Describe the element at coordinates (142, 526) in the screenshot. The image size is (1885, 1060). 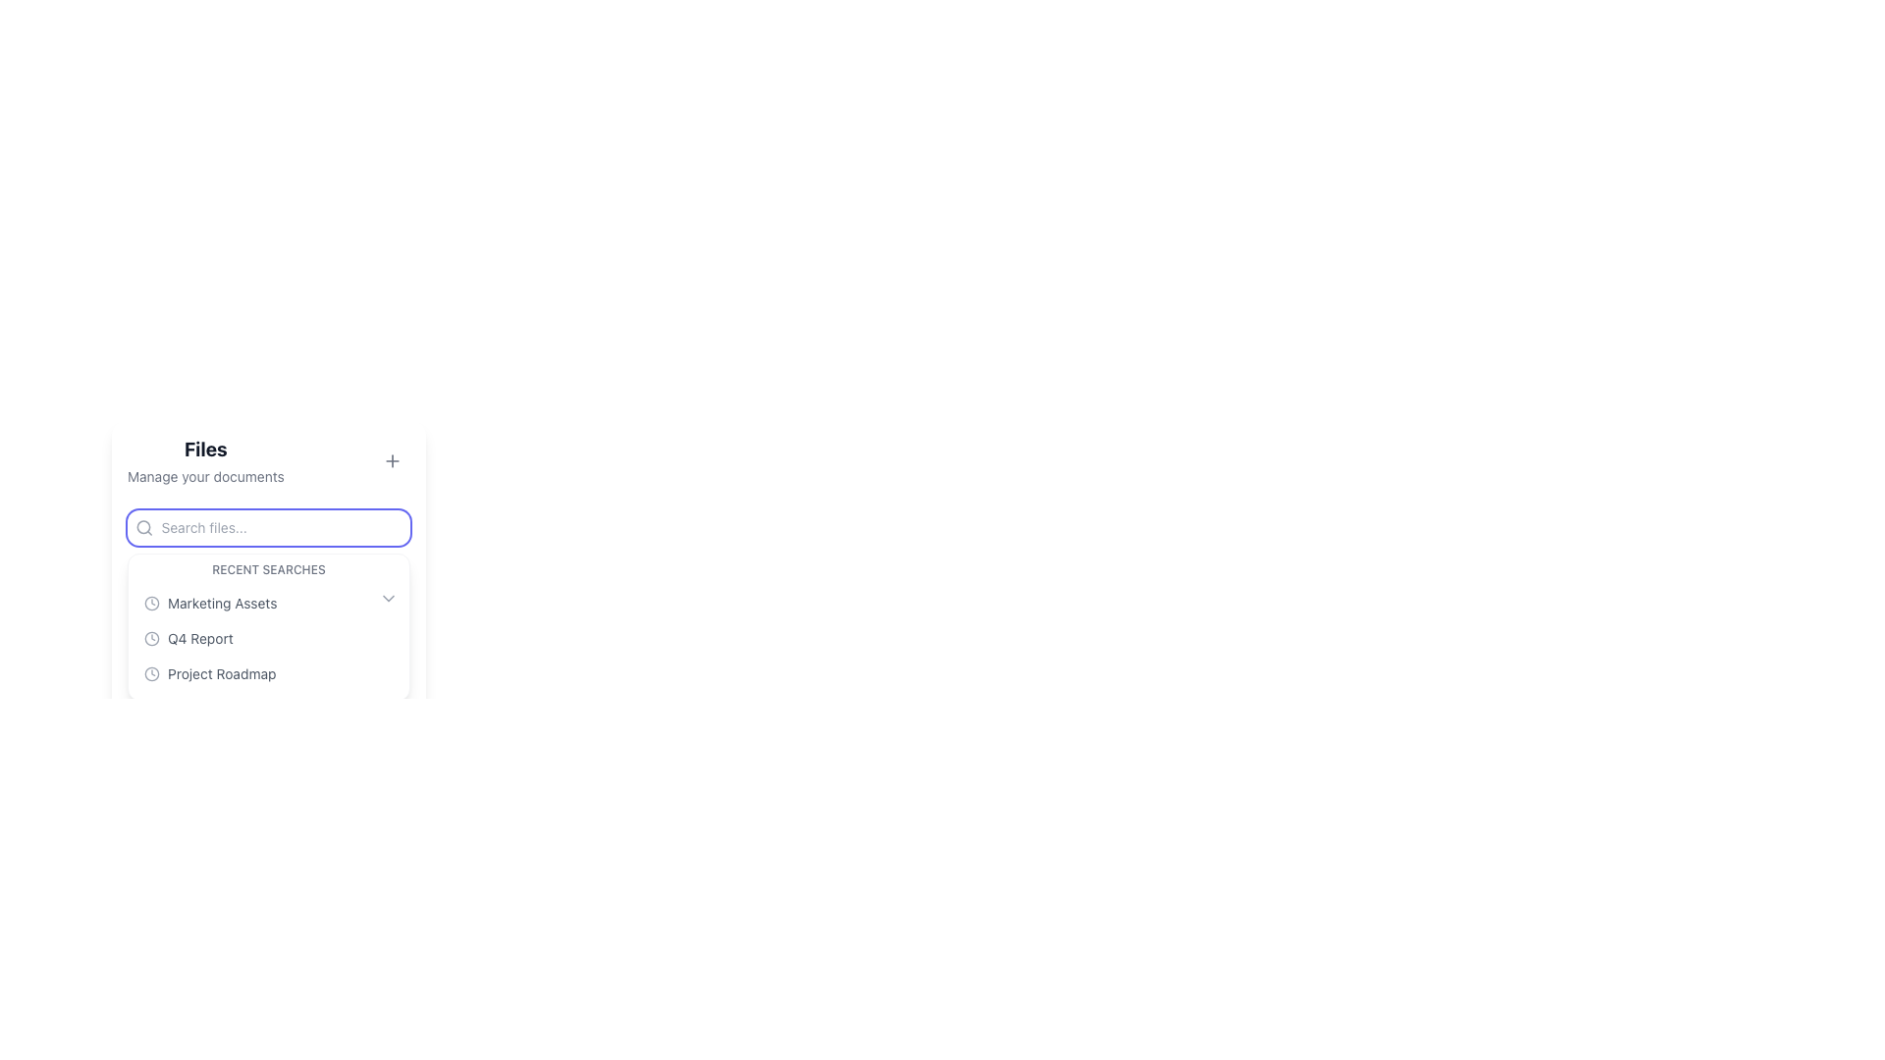
I see `the circular graphical part of the search icon located on the left side of the search bar in the upper section of the interface` at that location.